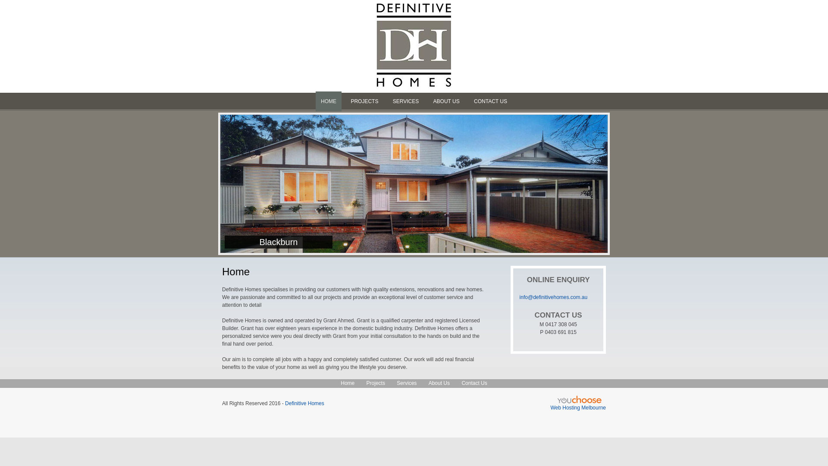 This screenshot has width=828, height=466. I want to click on 'Projects', so click(376, 382).